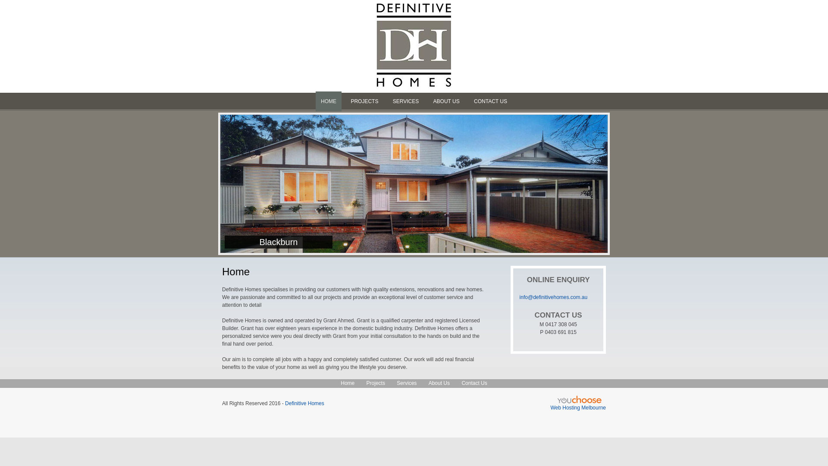 This screenshot has width=828, height=466. I want to click on 'Projects', so click(376, 382).